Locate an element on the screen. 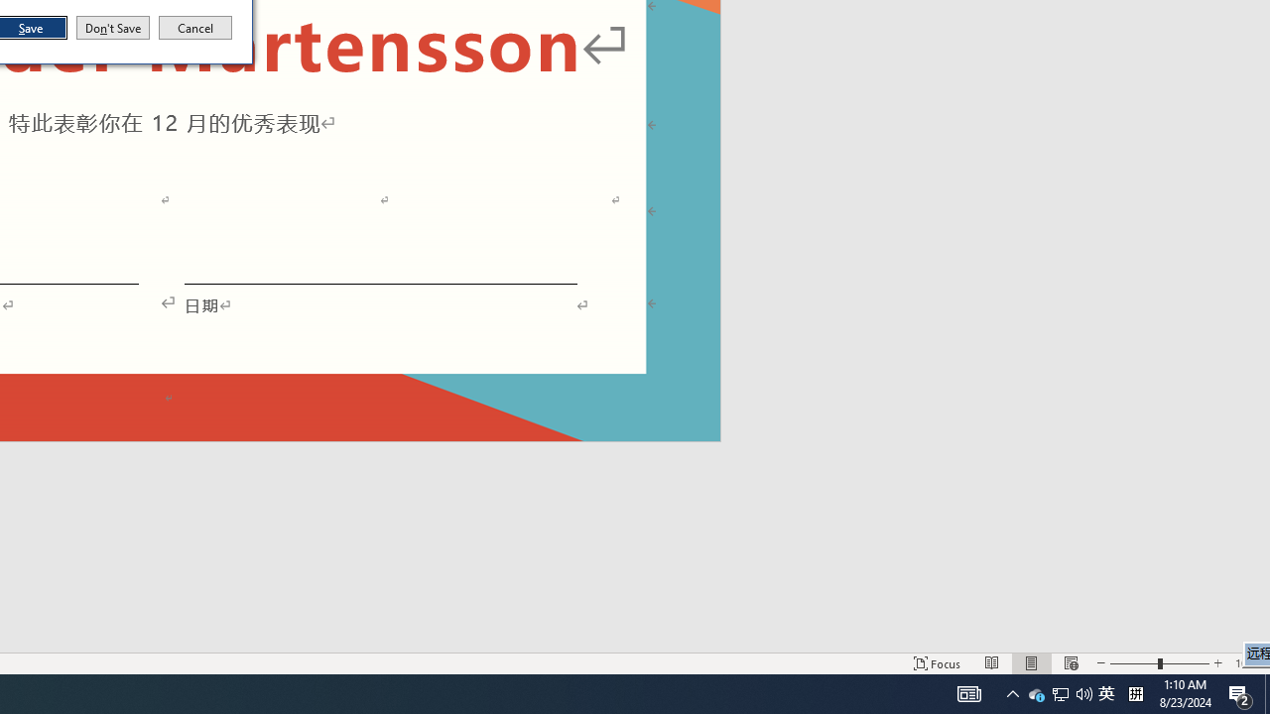  'Show desktop' is located at coordinates (1266, 692).